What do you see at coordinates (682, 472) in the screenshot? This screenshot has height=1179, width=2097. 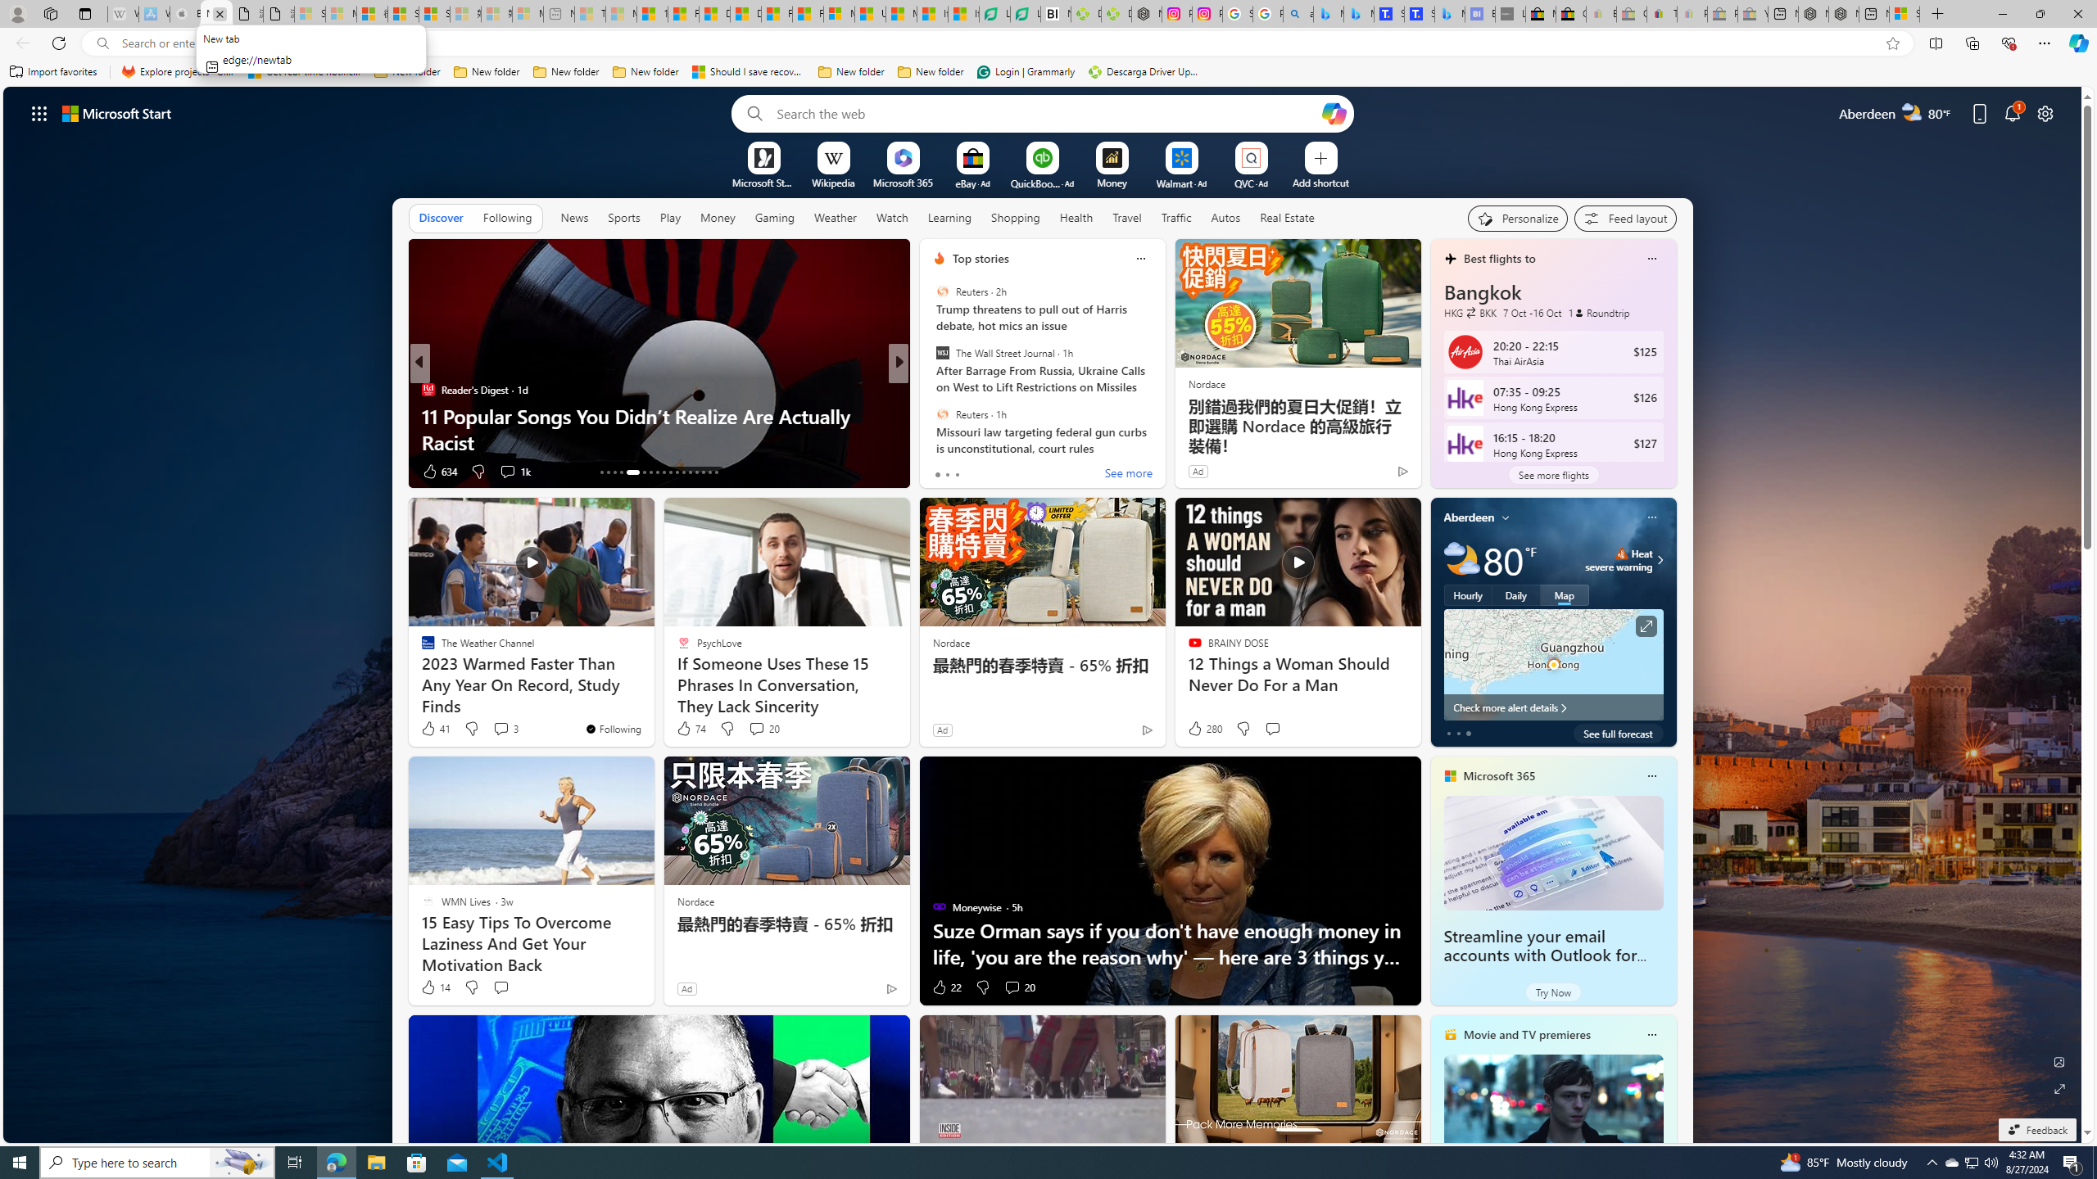 I see `'AutomationID: tab-24'` at bounding box center [682, 472].